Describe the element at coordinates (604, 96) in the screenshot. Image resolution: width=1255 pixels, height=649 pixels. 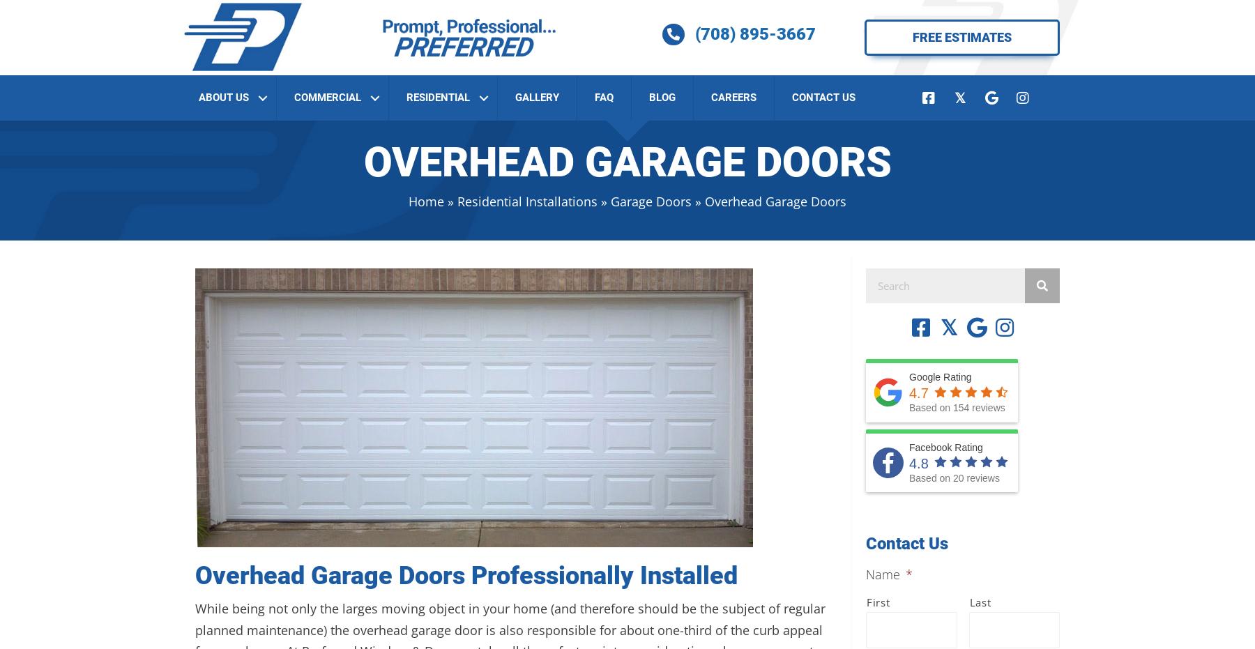
I see `'FAQ'` at that location.